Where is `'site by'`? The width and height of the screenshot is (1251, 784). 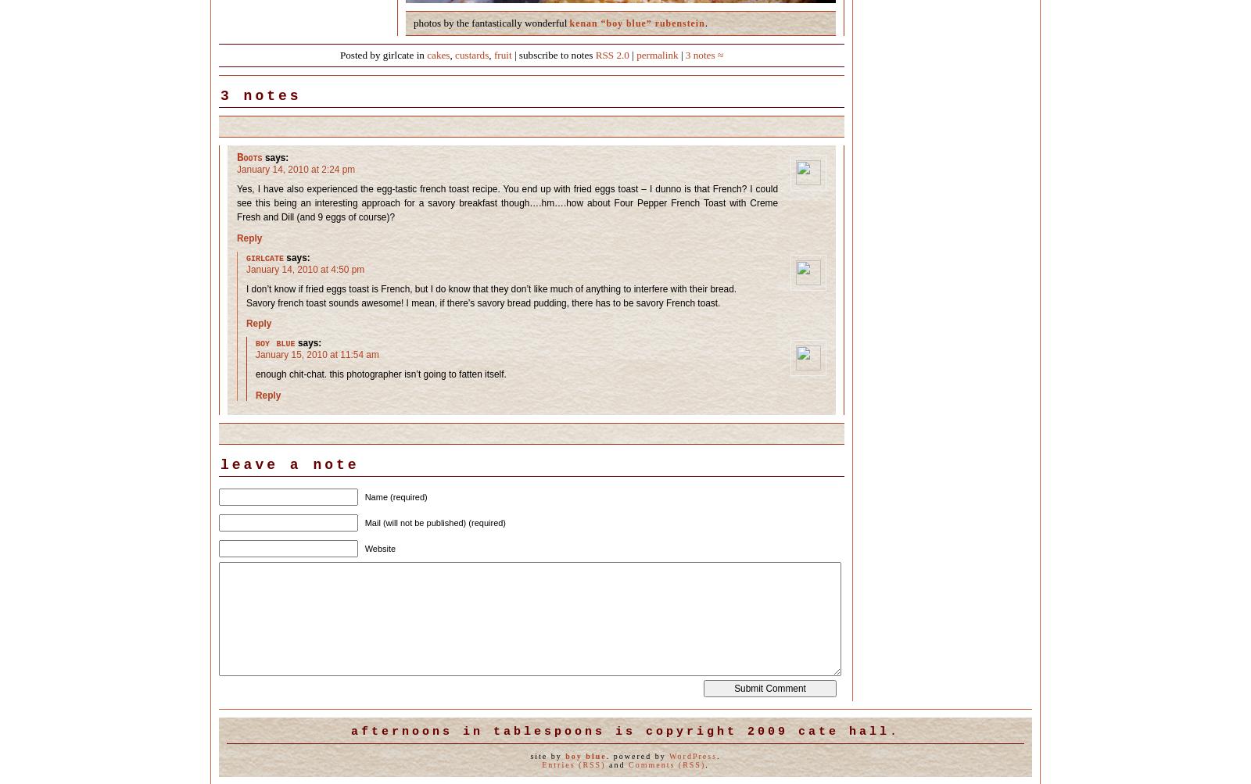
'site by' is located at coordinates (547, 755).